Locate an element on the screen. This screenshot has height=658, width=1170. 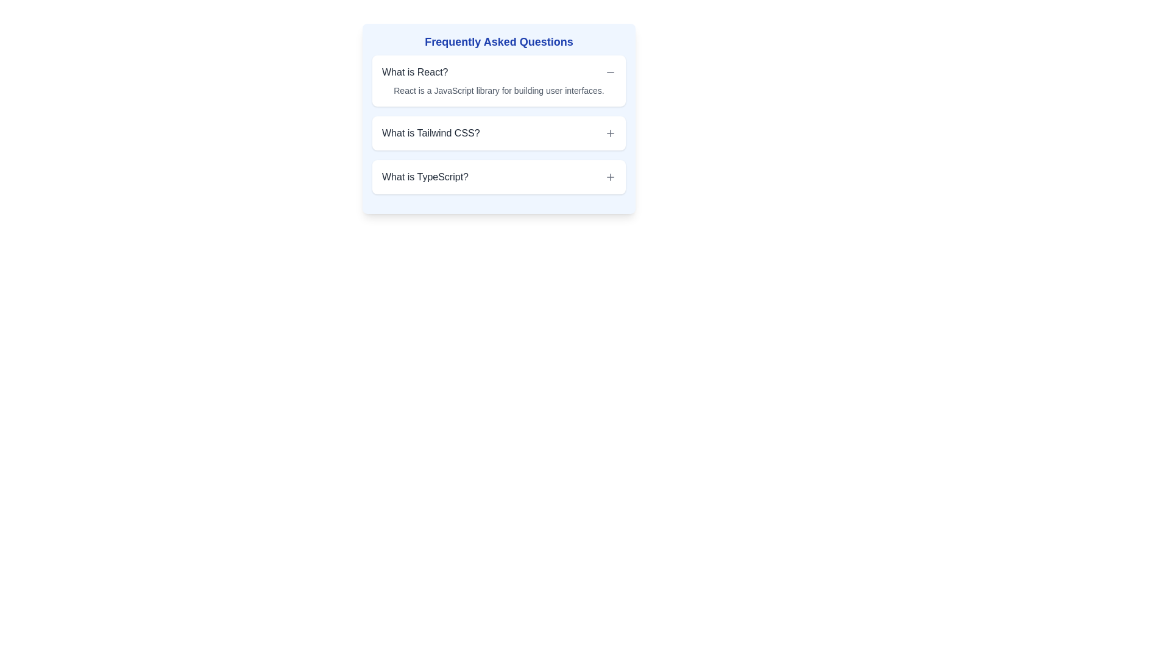
the button located at the top right corner of the 'What is TypeScript?' section is located at coordinates (611, 177).